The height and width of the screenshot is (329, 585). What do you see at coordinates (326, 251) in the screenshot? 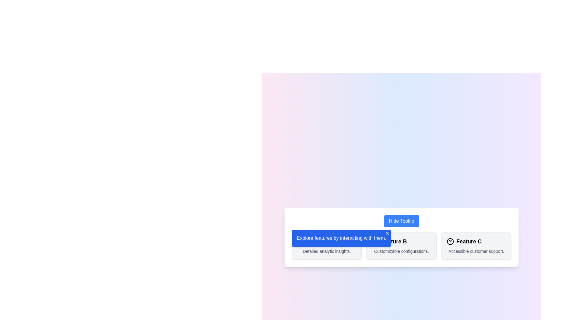
I see `supplementary text component located beneath the 'Feature A' title, which provides additional information about the feature` at bounding box center [326, 251].